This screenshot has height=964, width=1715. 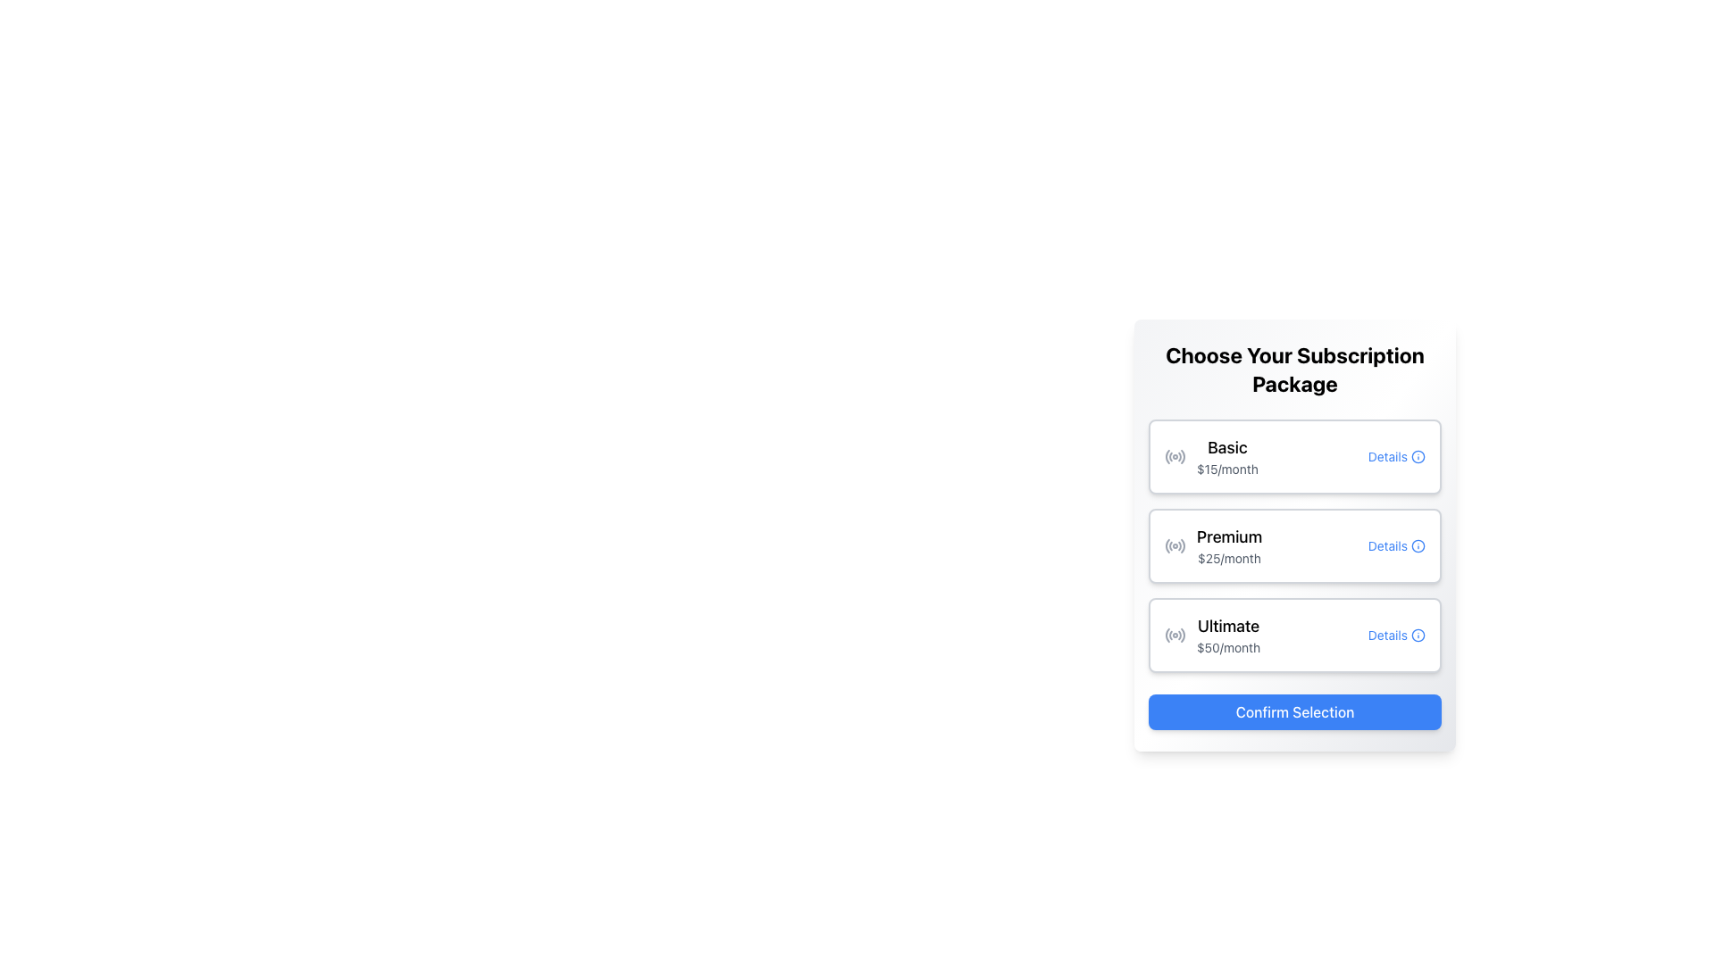 I want to click on the 'Ultimate' subscription plan card located at the bottom of the subscription options list, so click(x=1294, y=635).